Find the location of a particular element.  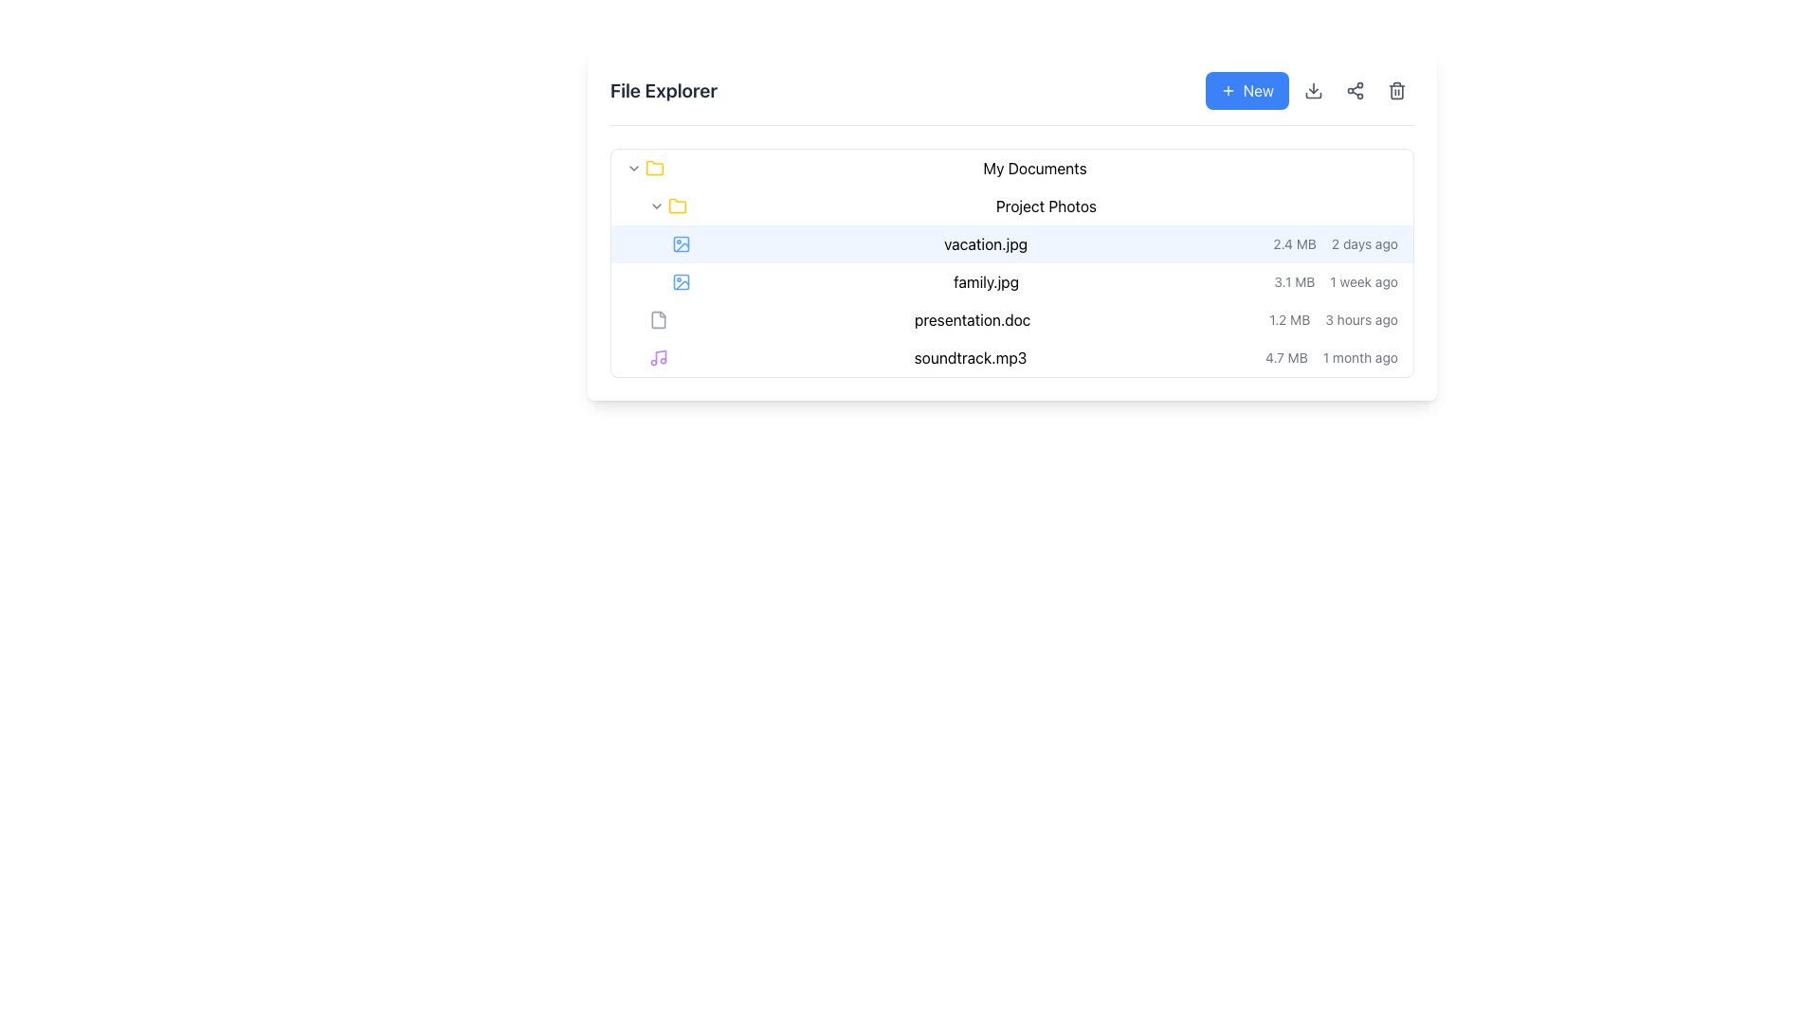

the informational Text label indicating the size of the file located in the second row of the file explorer interface, positioned between the 'family.jpg' file name and the date label '1 week ago' is located at coordinates (1293, 281).